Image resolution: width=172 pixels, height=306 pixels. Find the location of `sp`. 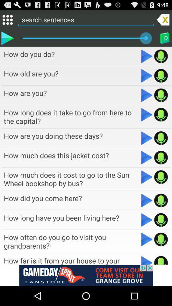

sp is located at coordinates (161, 56).